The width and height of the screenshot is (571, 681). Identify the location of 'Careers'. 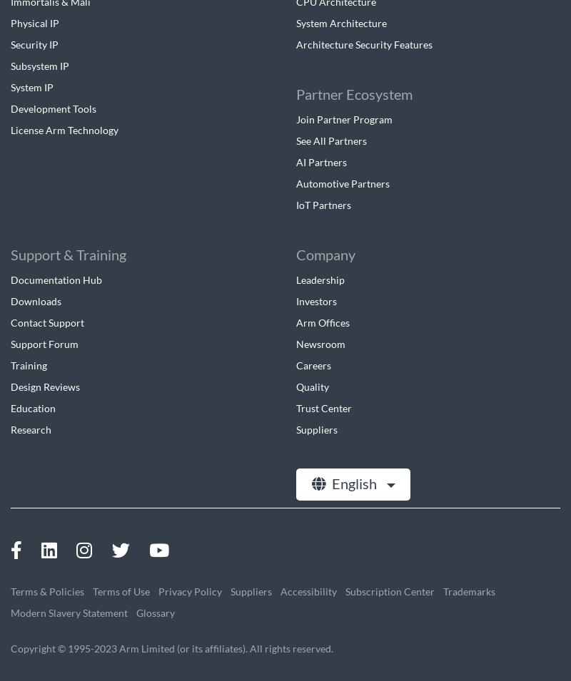
(313, 364).